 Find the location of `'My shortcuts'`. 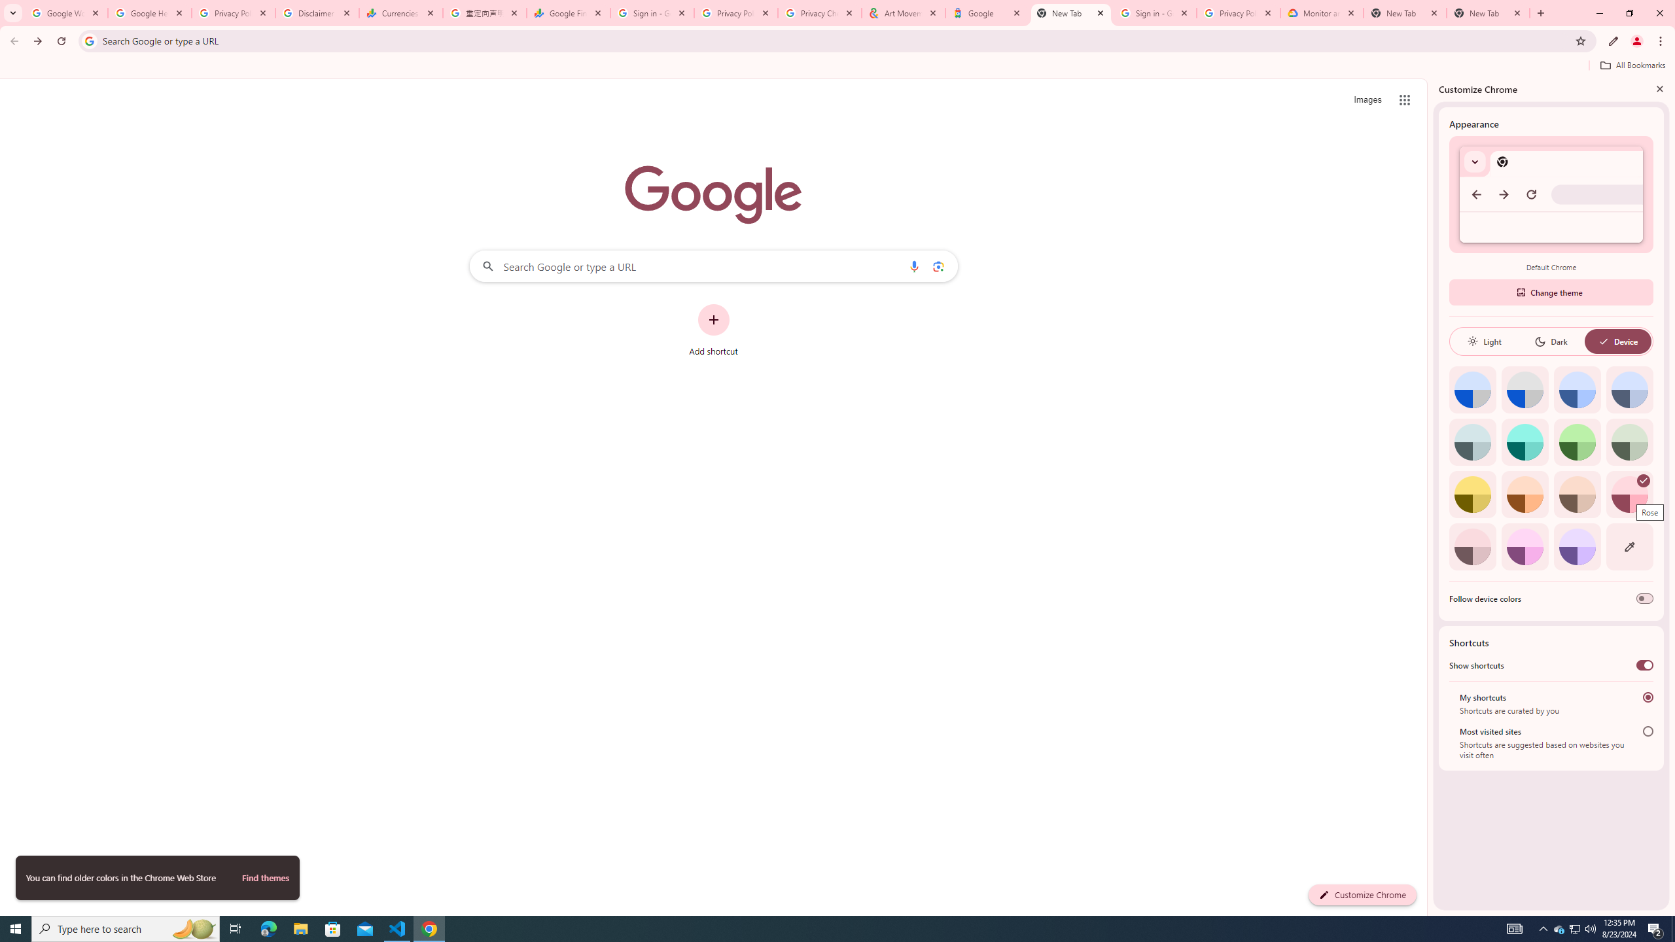

'My shortcuts' is located at coordinates (1648, 697).